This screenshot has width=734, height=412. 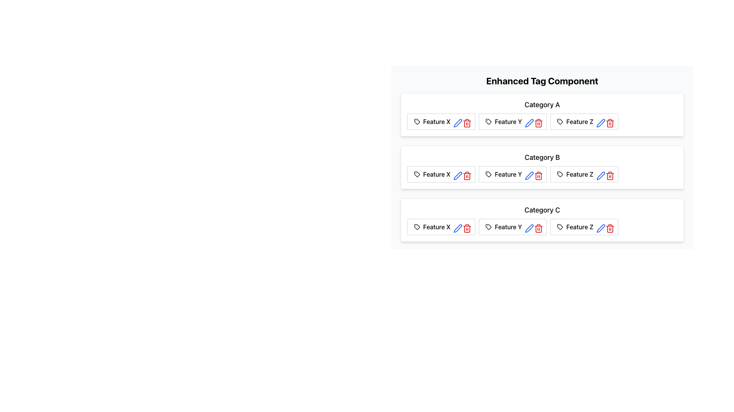 I want to click on the third icon (a trash bin) within the card labeled 'Feature Y', so click(x=537, y=121).